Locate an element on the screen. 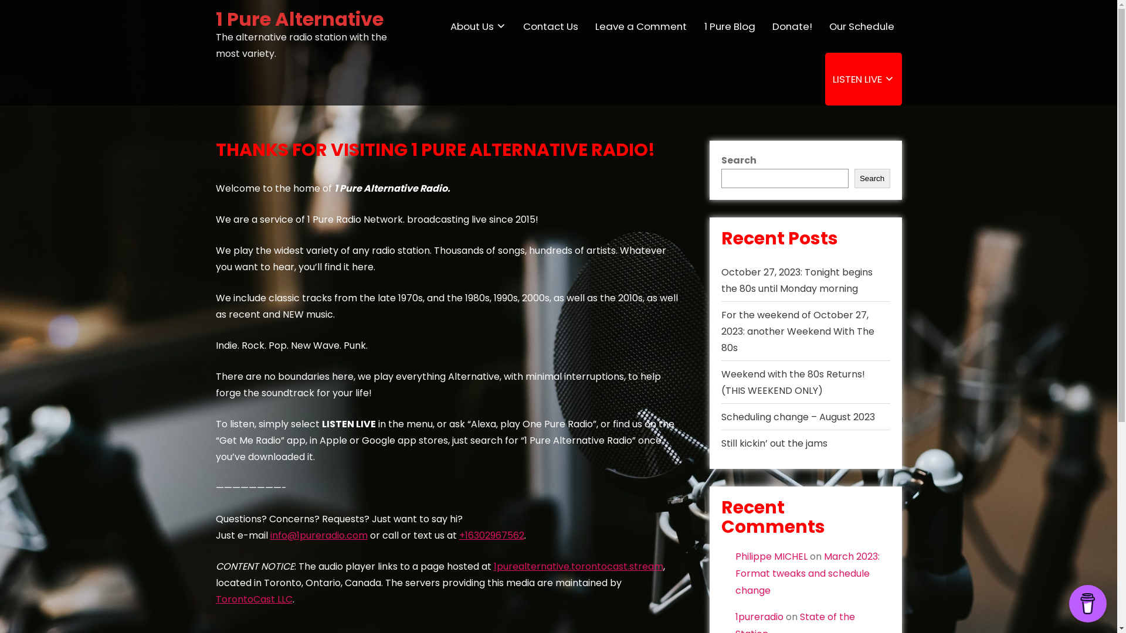 This screenshot has width=1126, height=633. 'About Us' is located at coordinates (442, 26).